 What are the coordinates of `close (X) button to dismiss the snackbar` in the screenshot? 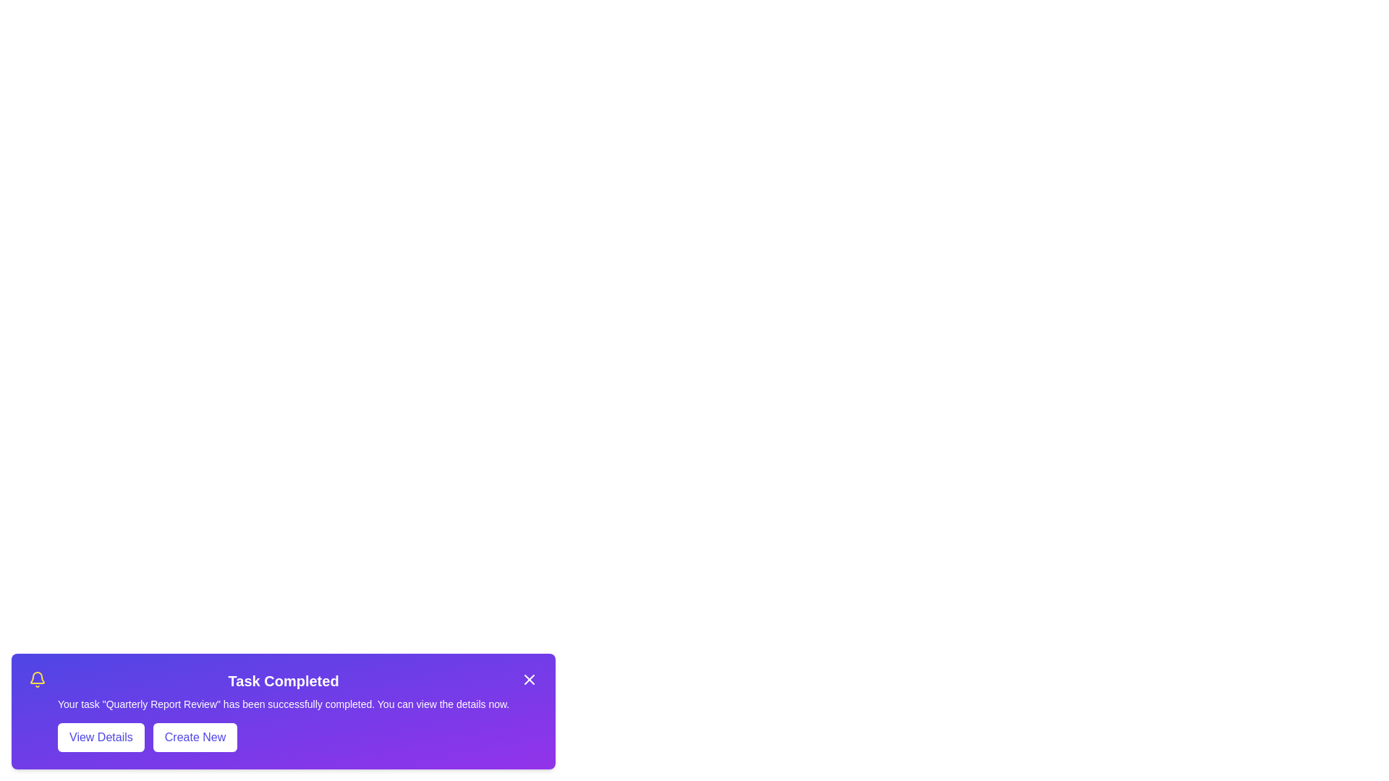 It's located at (529, 680).